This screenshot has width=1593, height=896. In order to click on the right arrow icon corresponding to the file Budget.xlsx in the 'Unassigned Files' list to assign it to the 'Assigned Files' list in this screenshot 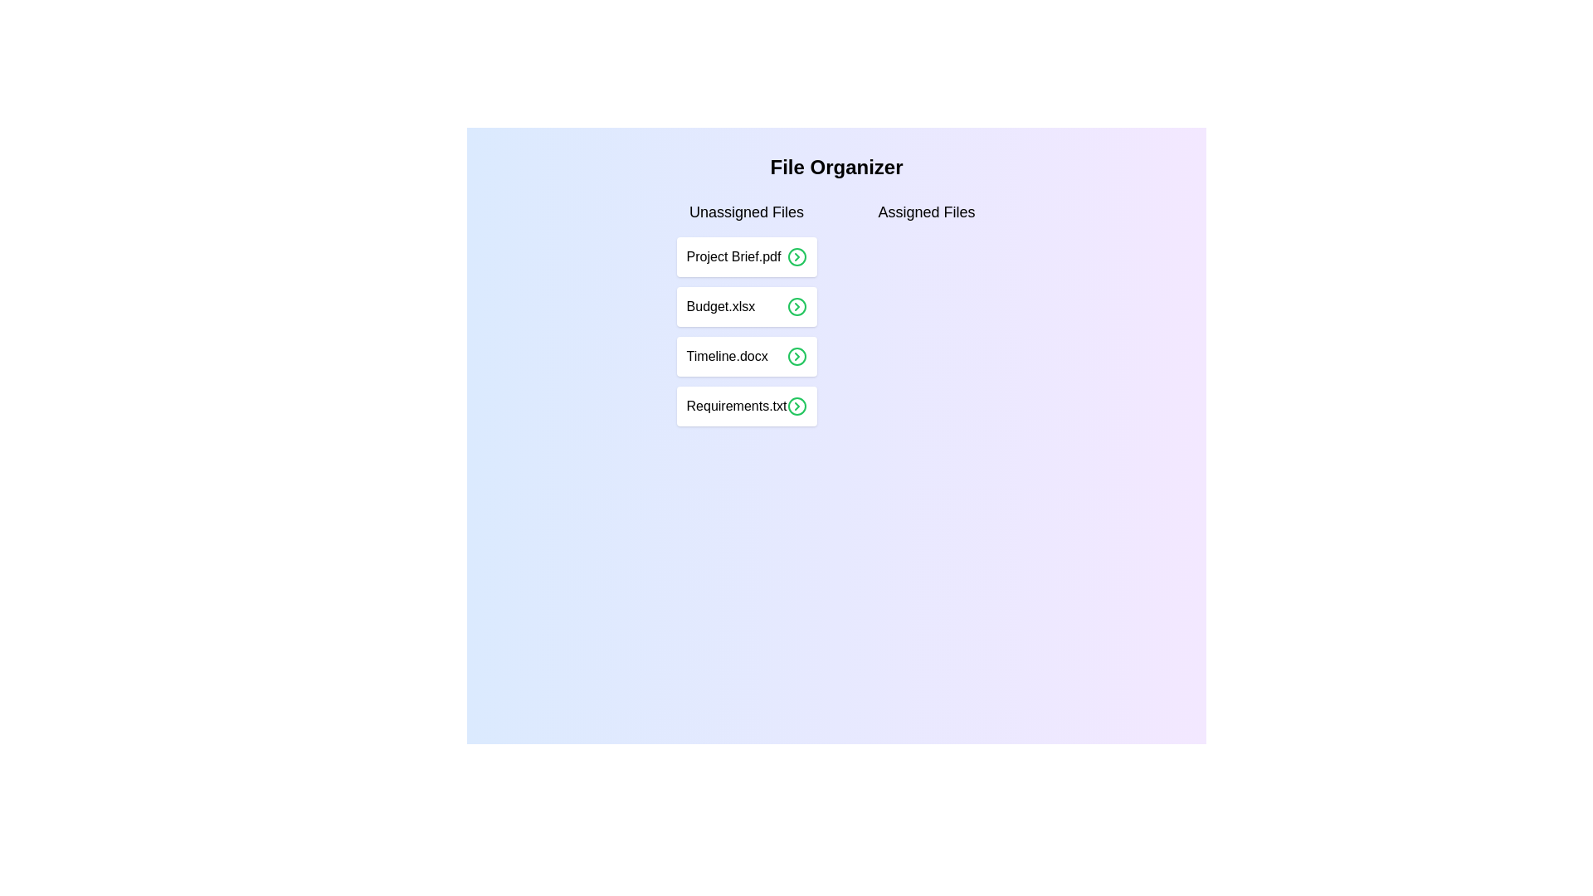, I will do `click(796, 307)`.